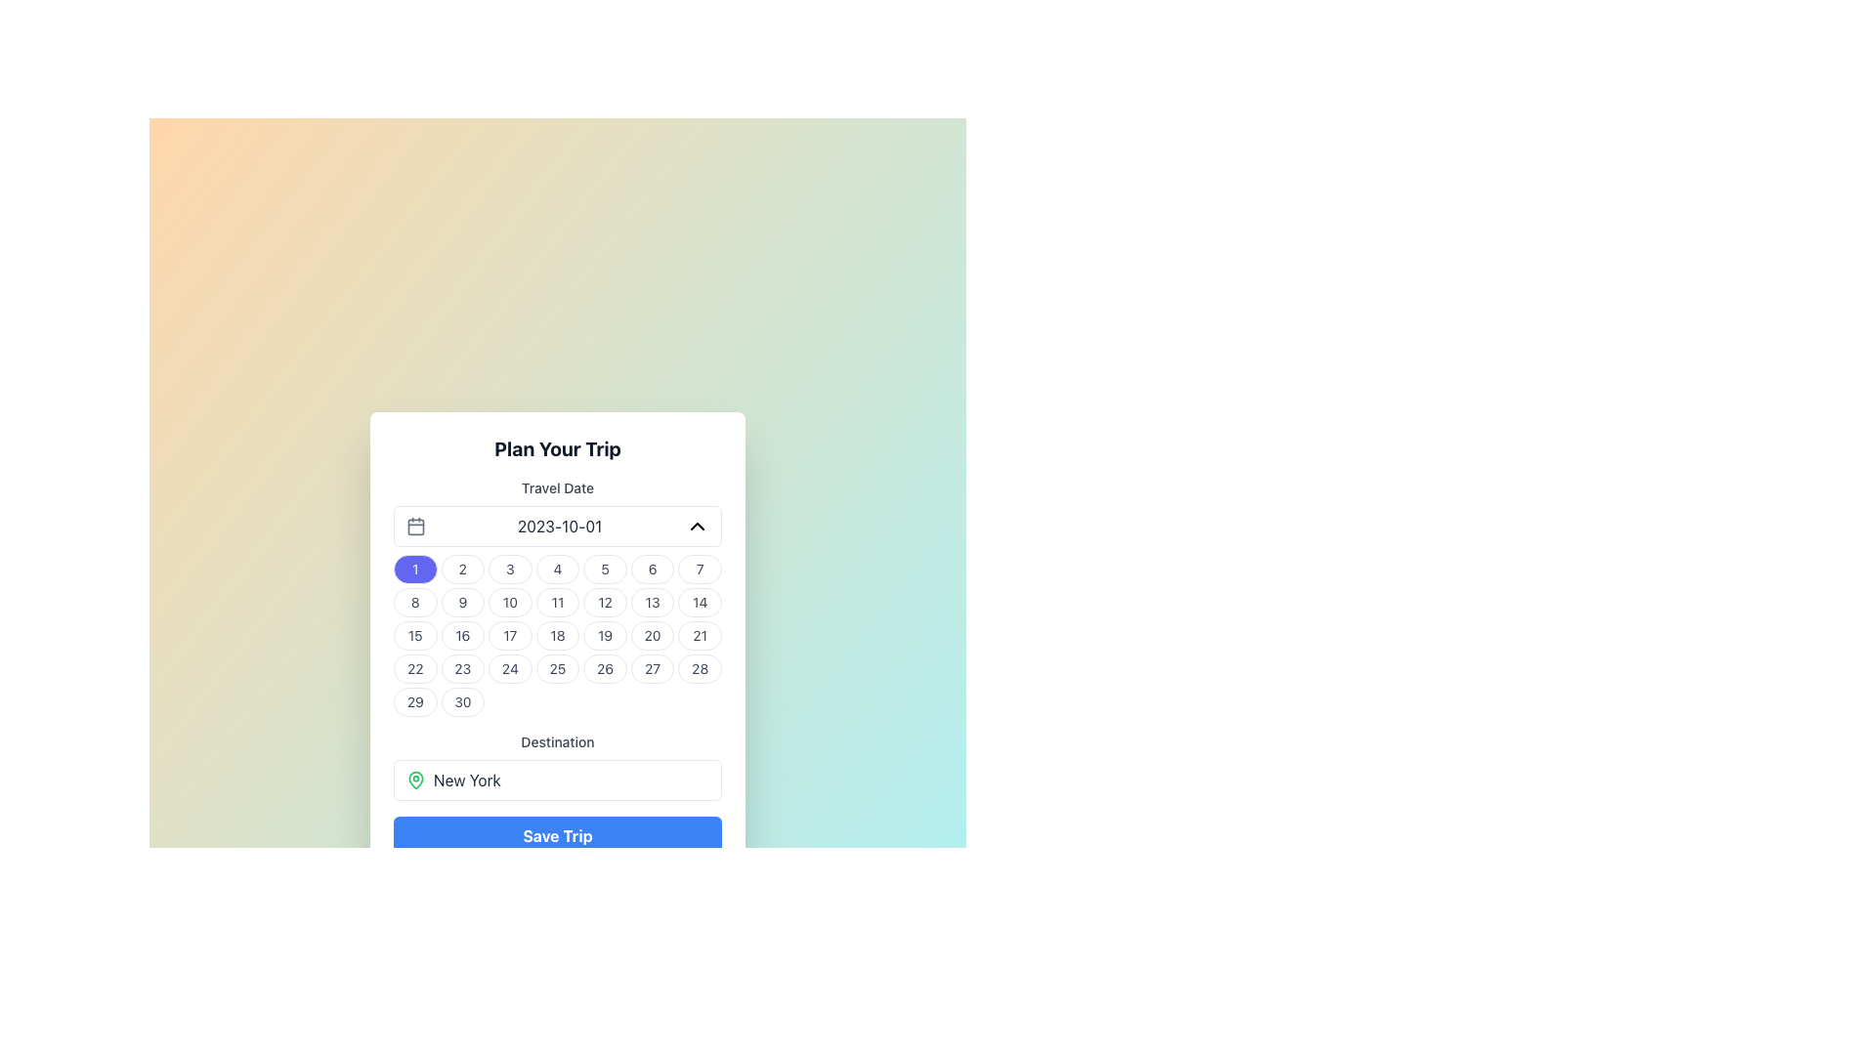 The image size is (1876, 1055). I want to click on the button labeled '3' in the top row of the calendar interface, so click(510, 569).